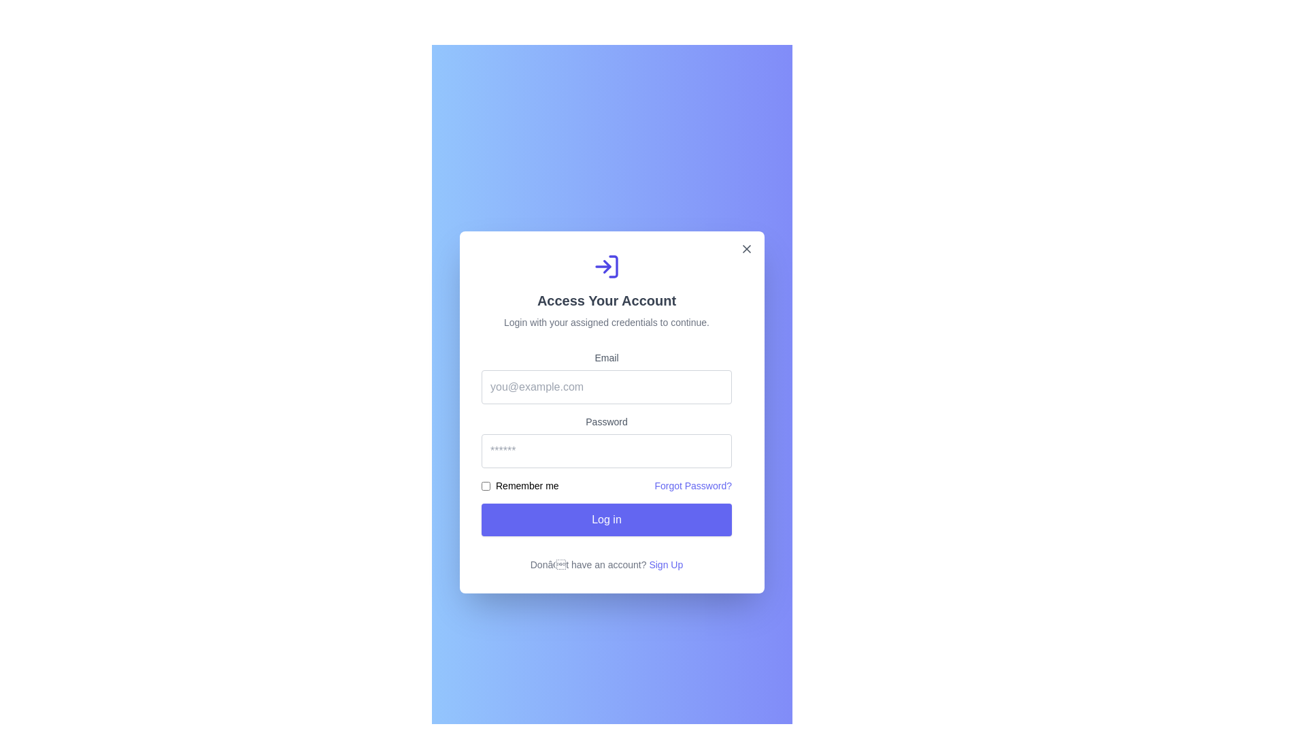 This screenshot has height=735, width=1306. What do you see at coordinates (613, 267) in the screenshot?
I see `the decorative line icon element located at the rightmost part of the login icon above the 'Access Your Account' text` at bounding box center [613, 267].